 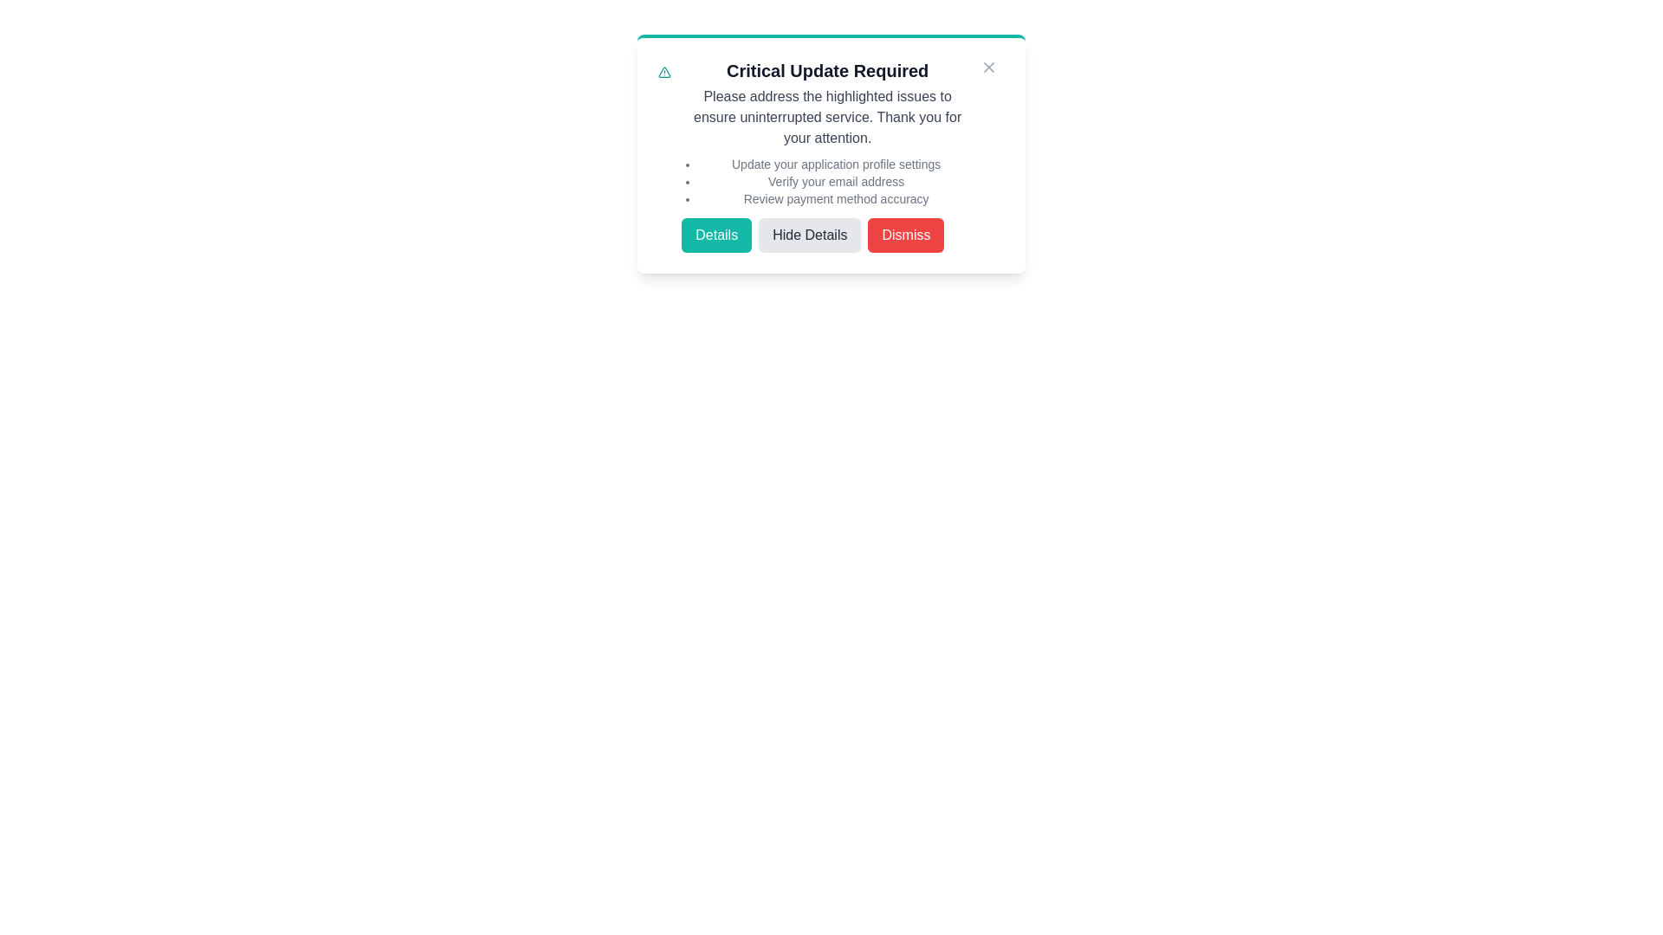 I want to click on the text label that says 'Review payment method accuracy', which is the third item in a vertical list within the pop-up card, so click(x=836, y=198).